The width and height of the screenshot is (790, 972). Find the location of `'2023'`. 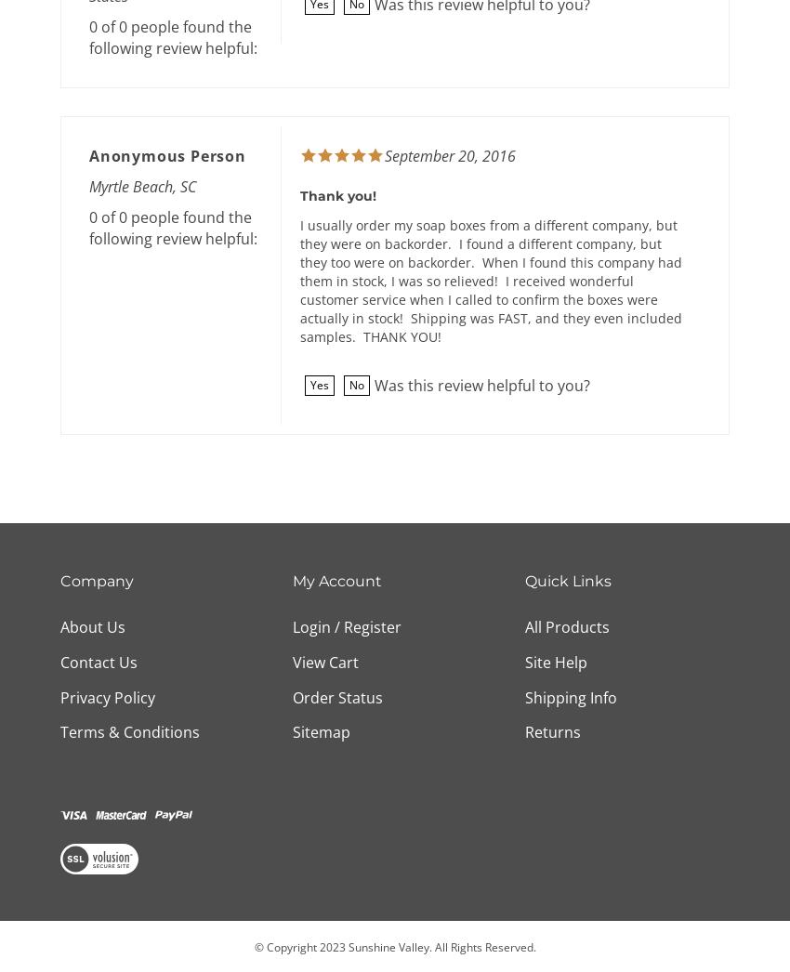

'2023' is located at coordinates (331, 947).